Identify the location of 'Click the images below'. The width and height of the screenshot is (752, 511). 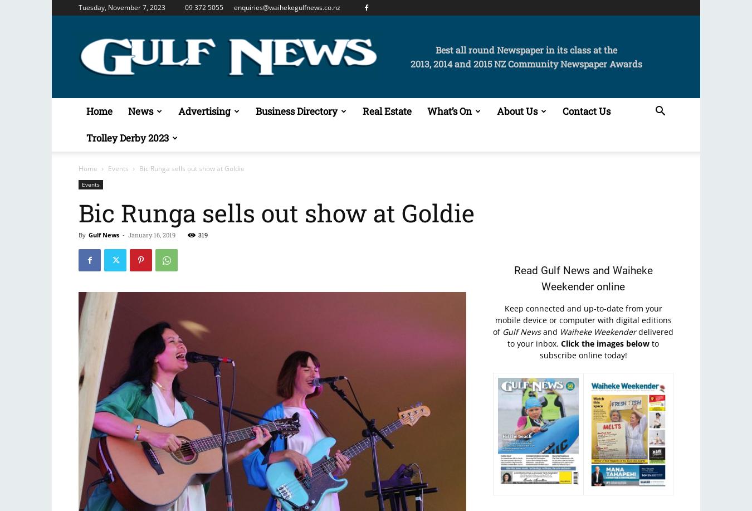
(605, 343).